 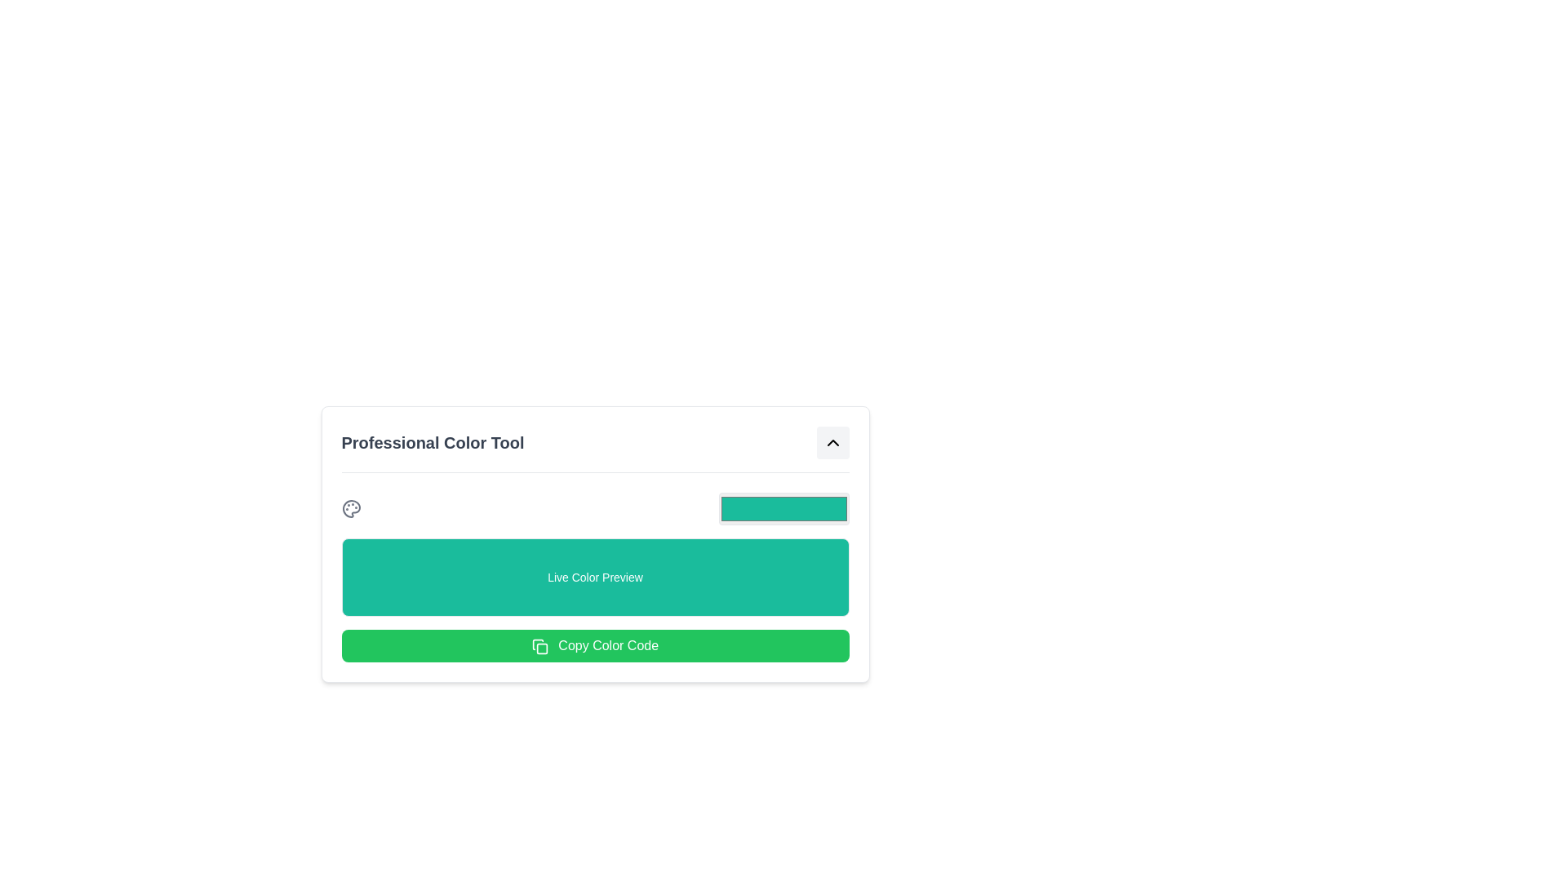 What do you see at coordinates (594, 644) in the screenshot?
I see `the button labeled to copy the color code to the clipboard, which is the last item in its grouped section below the 'Live Color Preview' panel` at bounding box center [594, 644].